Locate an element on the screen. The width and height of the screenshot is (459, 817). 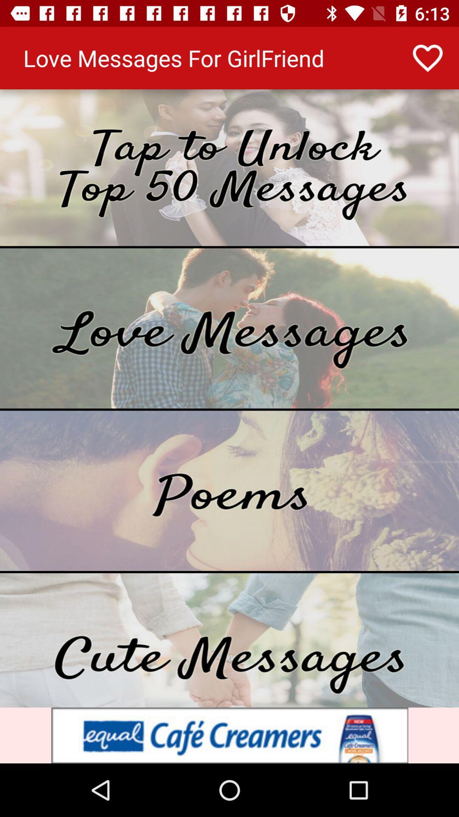
message to the option is located at coordinates (229, 328).